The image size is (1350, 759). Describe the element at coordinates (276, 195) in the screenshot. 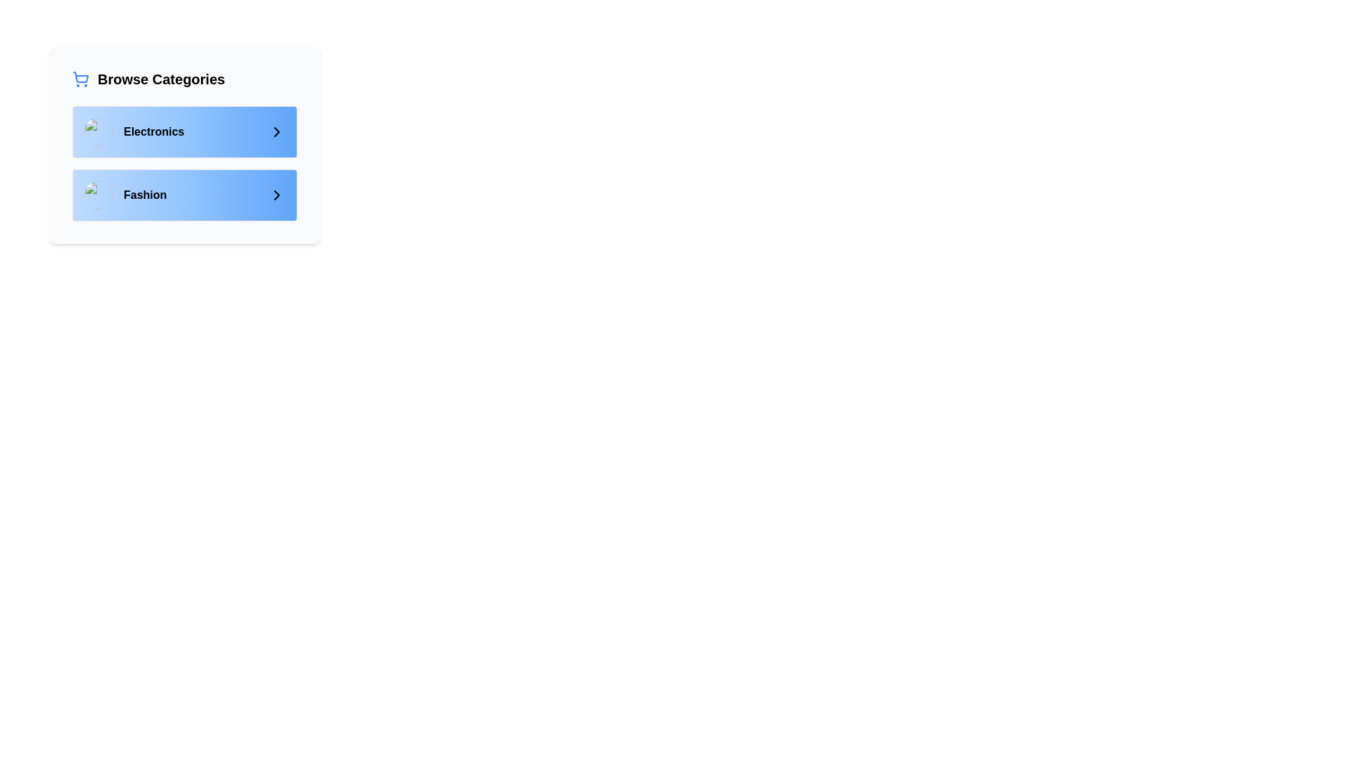

I see `the right-pointing chevron icon within the 'Fashion' menu button` at that location.